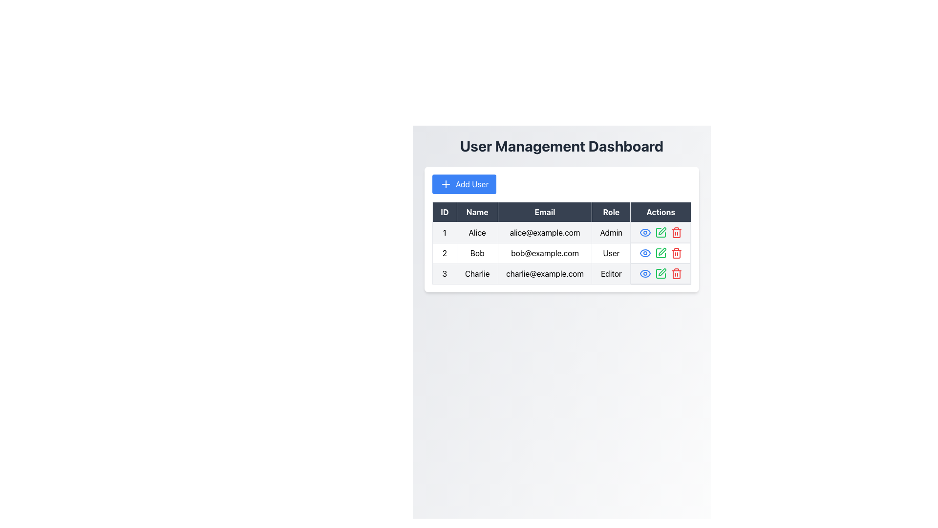  I want to click on the Text Label displaying the name 'Charlie' in the third row of the table under the 'Name' column, so click(477, 274).